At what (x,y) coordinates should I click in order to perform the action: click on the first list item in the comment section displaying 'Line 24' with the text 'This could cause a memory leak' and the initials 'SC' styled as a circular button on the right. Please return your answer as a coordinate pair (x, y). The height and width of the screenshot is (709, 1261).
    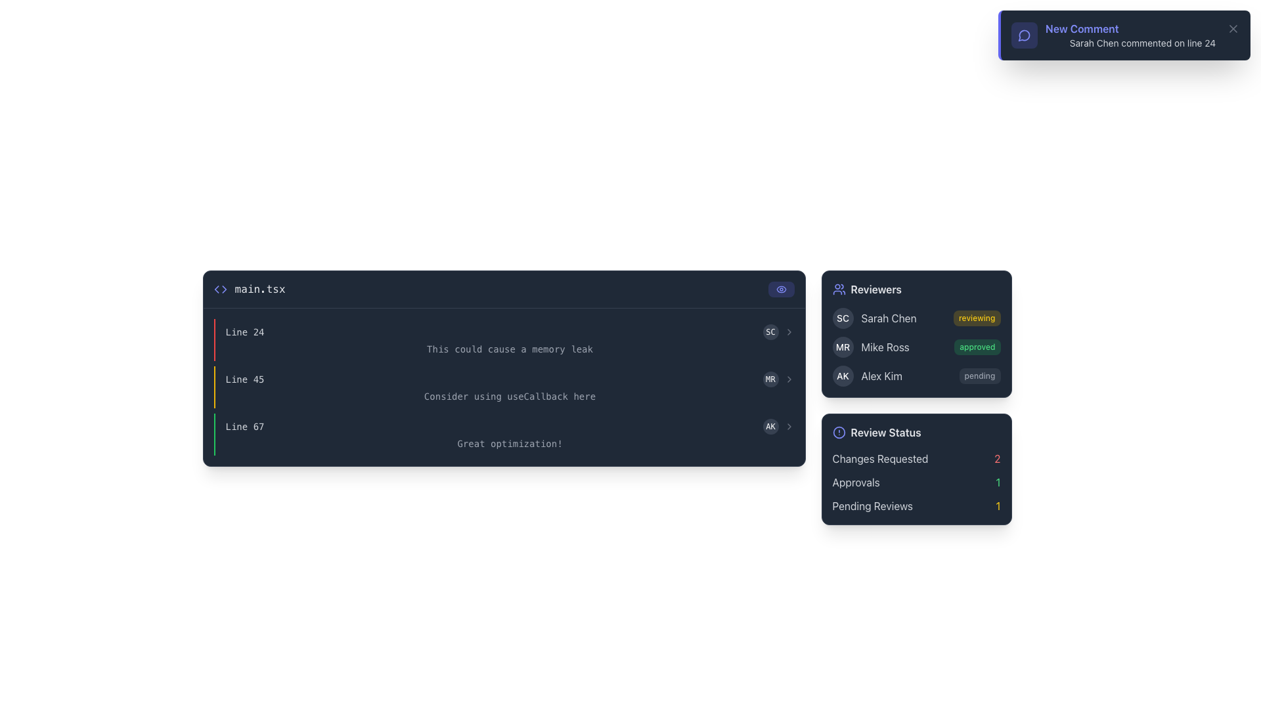
    Looking at the image, I should click on (503, 339).